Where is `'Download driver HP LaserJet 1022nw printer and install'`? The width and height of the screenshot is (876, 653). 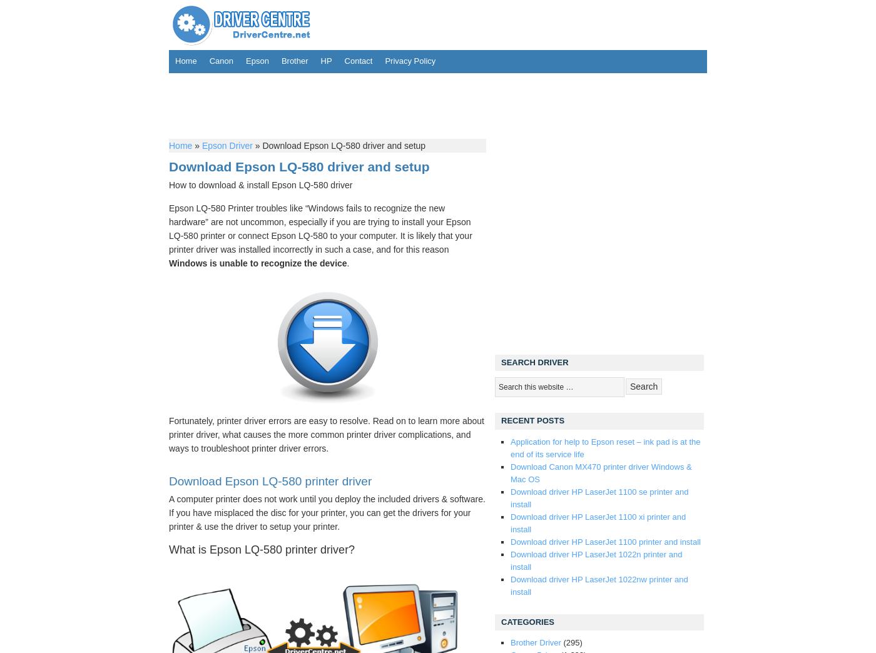 'Download driver HP LaserJet 1022nw printer and install' is located at coordinates (599, 584).